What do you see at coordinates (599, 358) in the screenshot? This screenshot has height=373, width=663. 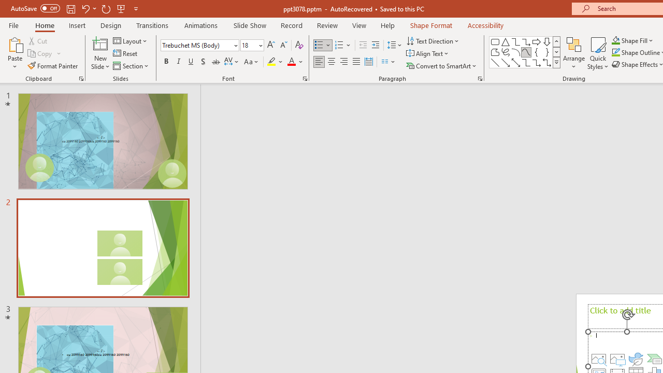 I see `'Stock Images'` at bounding box center [599, 358].